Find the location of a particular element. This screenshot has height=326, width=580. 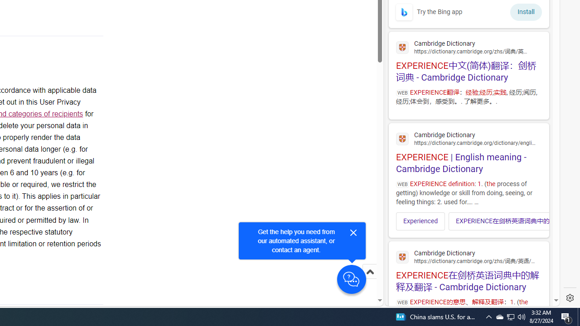

'EXPERIENCE | English meaning - Cambridge Dictionary' is located at coordinates (469, 151).